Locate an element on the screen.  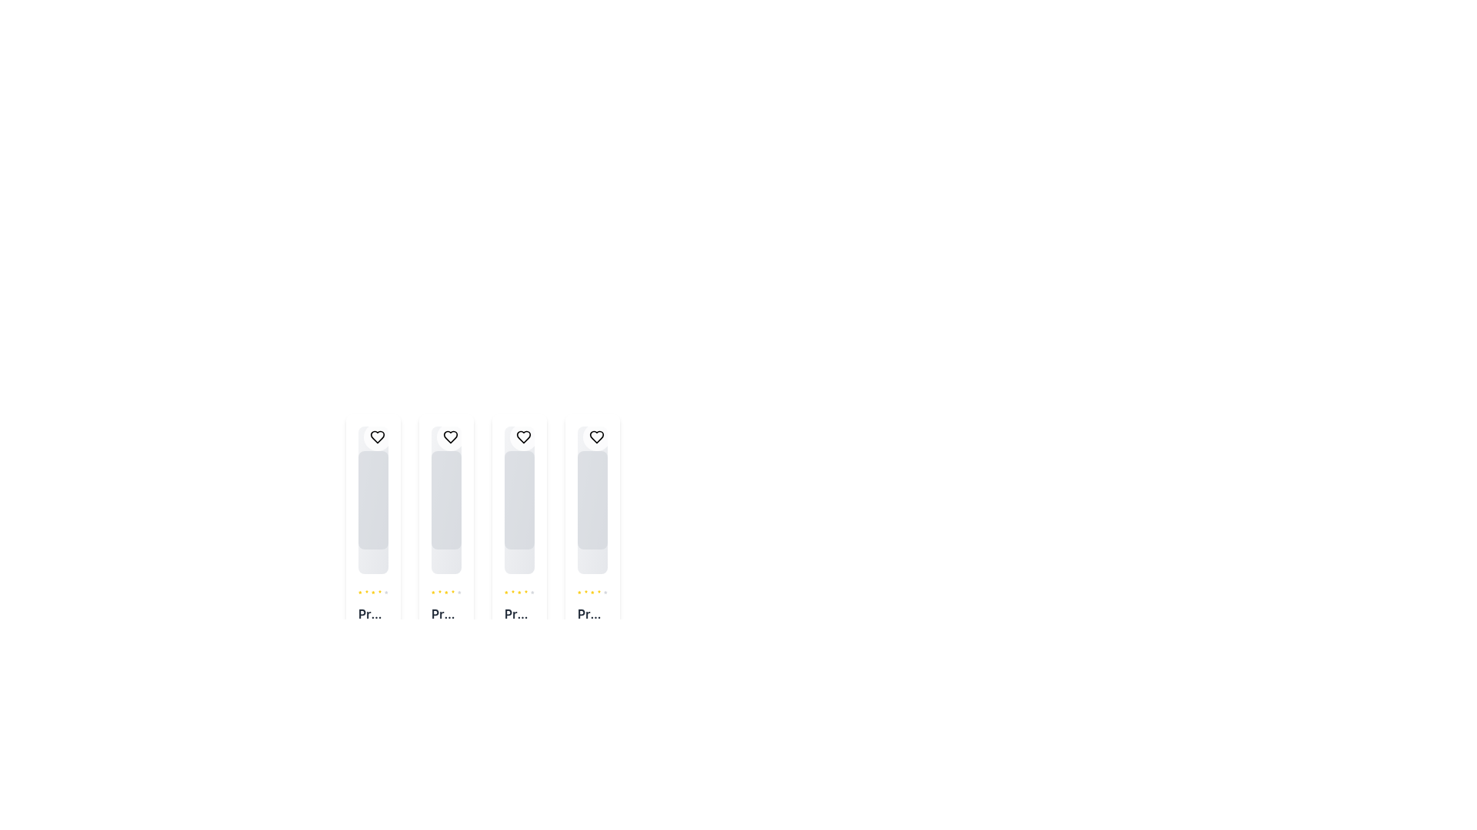
the fourth star icon in the rating system located below the product listing is located at coordinates (592, 592).